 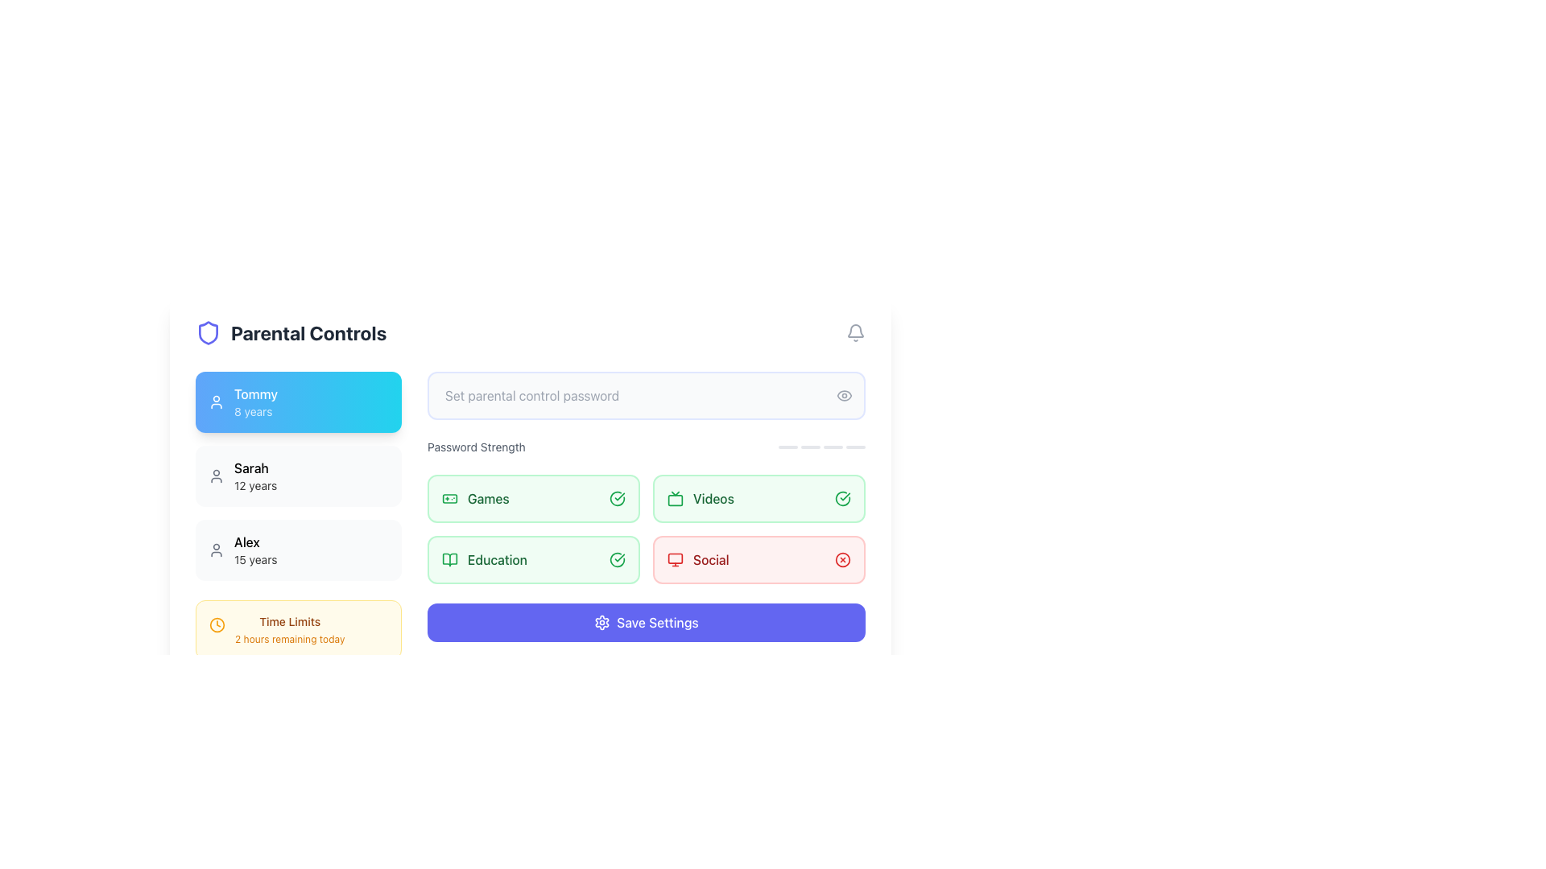 What do you see at coordinates (254, 411) in the screenshot?
I see `the text label indicating '8 years' under the name 'Tommy' in the blue box on the left side of the interface` at bounding box center [254, 411].